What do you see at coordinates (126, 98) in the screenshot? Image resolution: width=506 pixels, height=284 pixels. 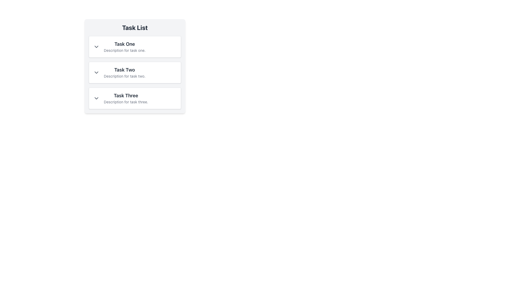 I see `the third task card in the task list which displays the task title and description` at bounding box center [126, 98].